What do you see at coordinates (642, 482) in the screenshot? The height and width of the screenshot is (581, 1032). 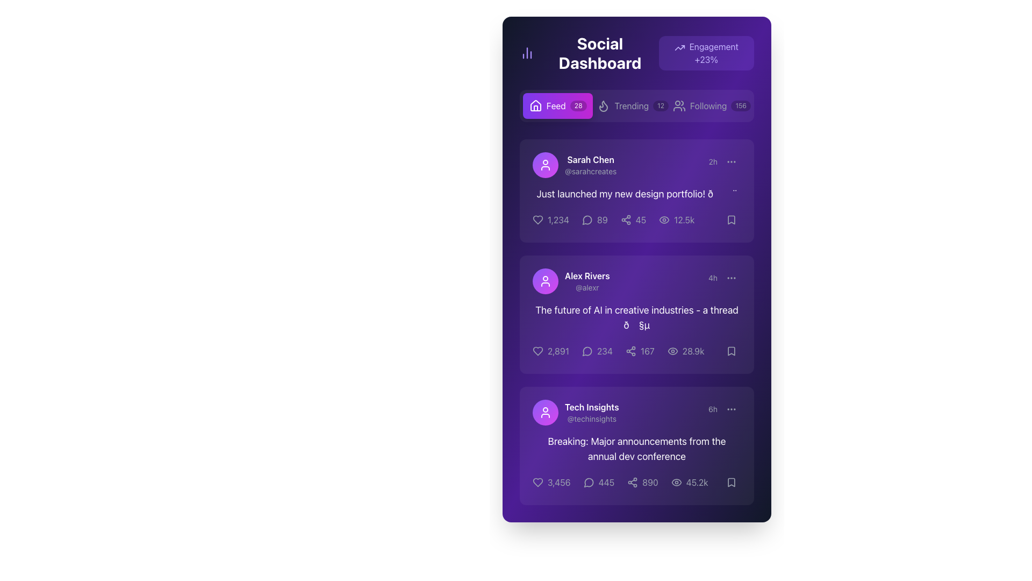 I see `the share button located at the bottom of the 'Tech Insights' post card, which is the third element in a row of interaction buttons` at bounding box center [642, 482].